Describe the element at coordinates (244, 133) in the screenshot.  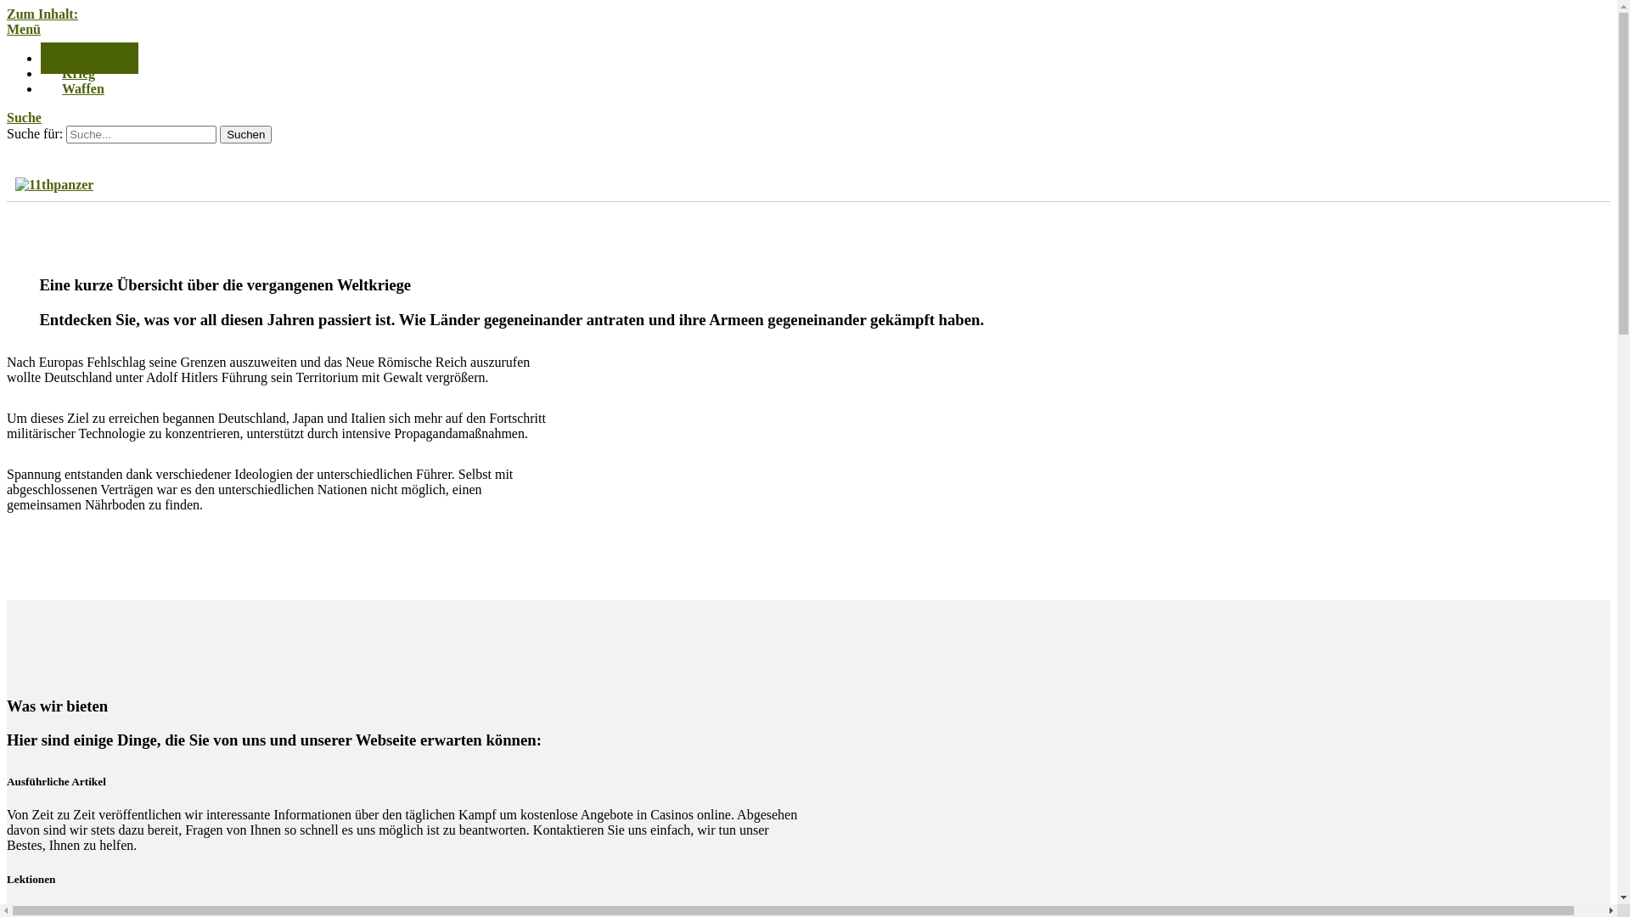
I see `'Suchen'` at that location.